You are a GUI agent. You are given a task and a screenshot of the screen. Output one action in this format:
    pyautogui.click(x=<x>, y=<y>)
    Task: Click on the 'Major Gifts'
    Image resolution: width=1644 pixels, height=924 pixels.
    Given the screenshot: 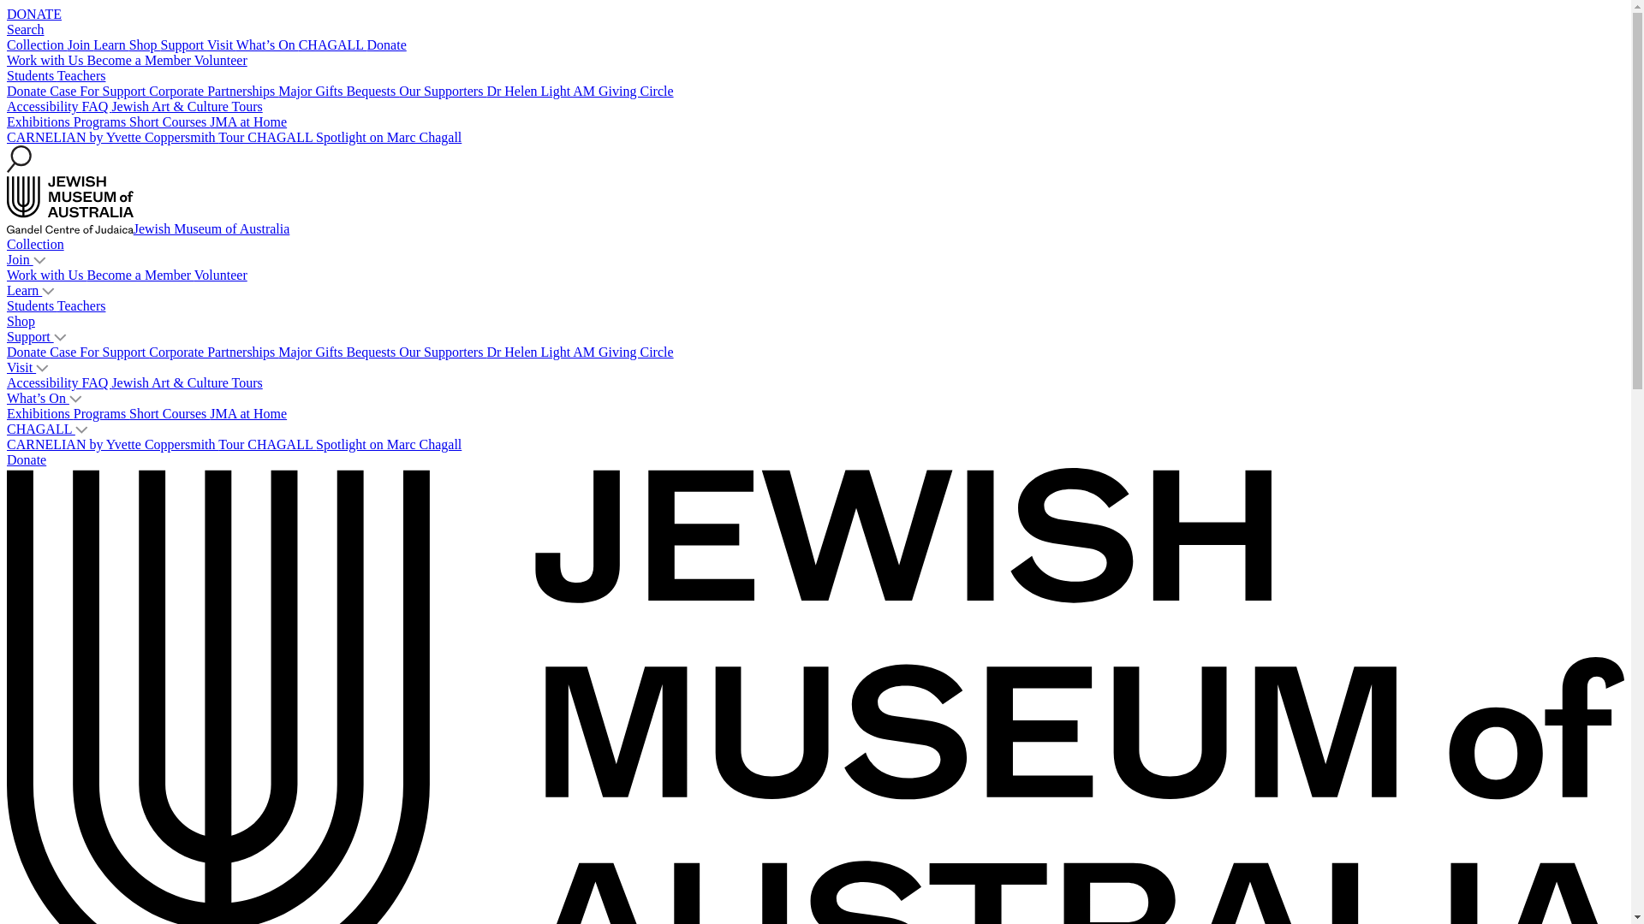 What is the action you would take?
    pyautogui.click(x=312, y=91)
    